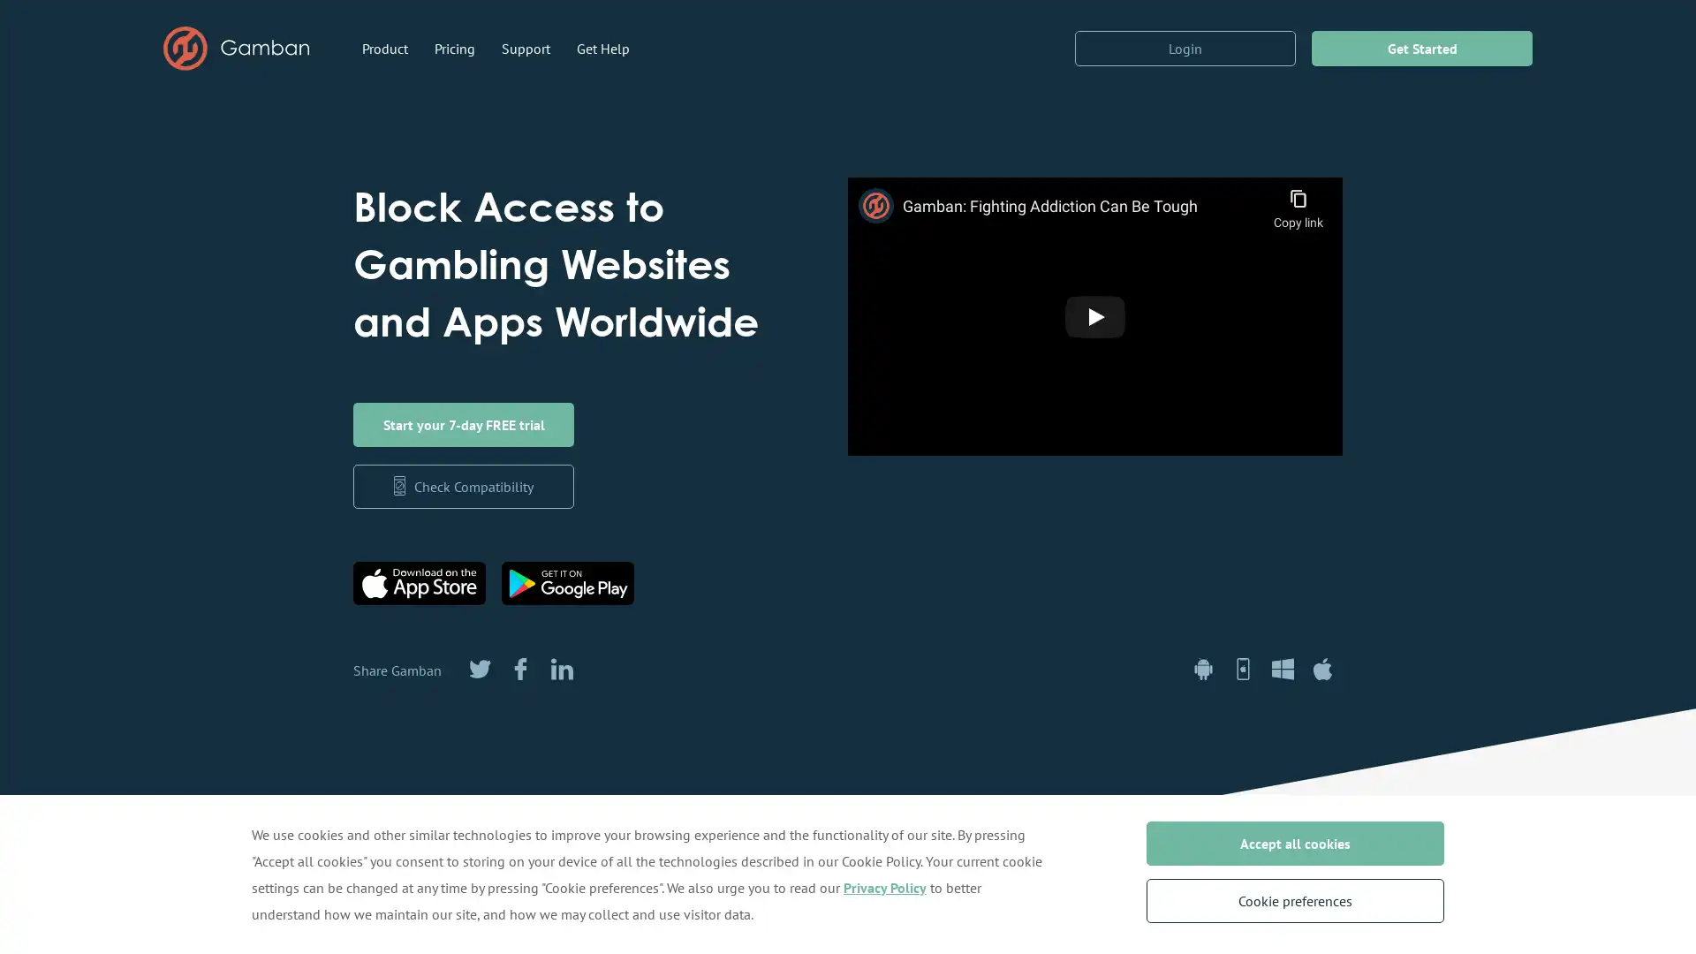 The height and width of the screenshot is (954, 1696). I want to click on Cookie preferences, so click(1294, 900).